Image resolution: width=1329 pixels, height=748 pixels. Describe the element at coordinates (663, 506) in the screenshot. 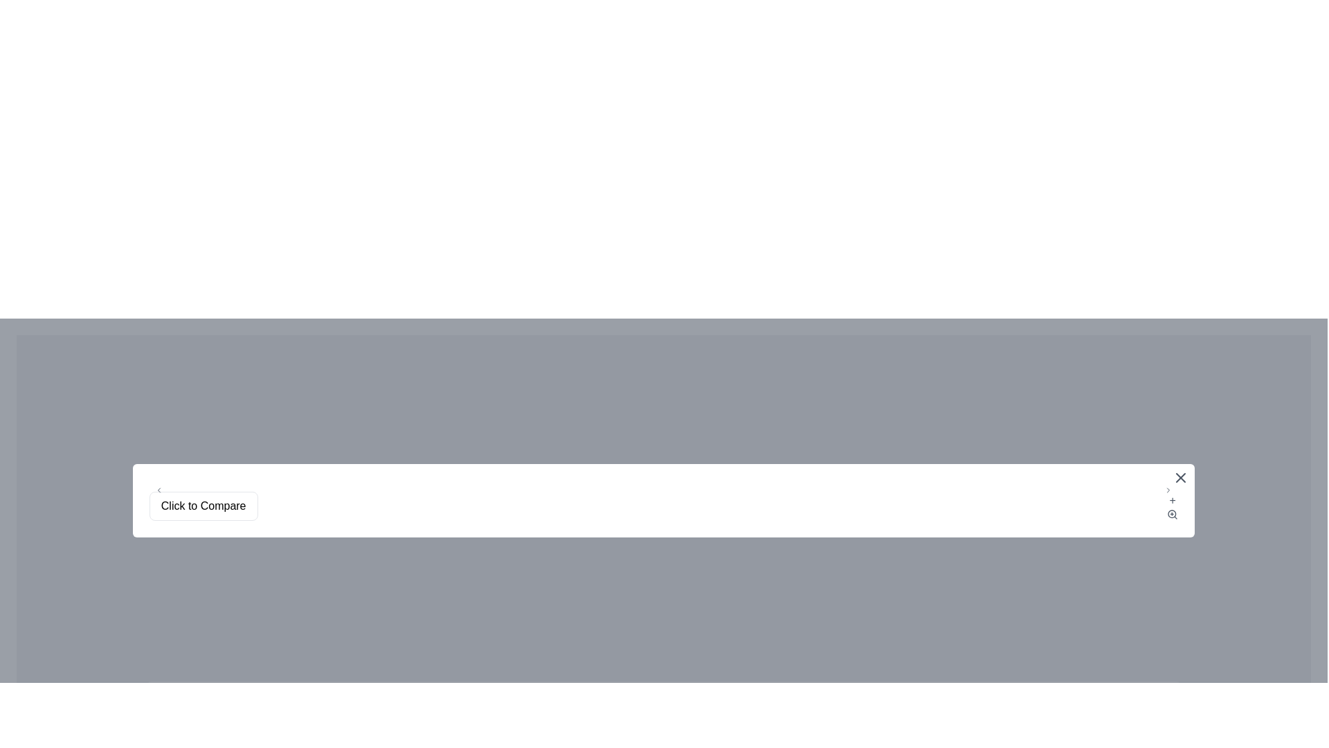

I see `the '+' symbol on the interactive component labeled 'Click to Compare'` at that location.